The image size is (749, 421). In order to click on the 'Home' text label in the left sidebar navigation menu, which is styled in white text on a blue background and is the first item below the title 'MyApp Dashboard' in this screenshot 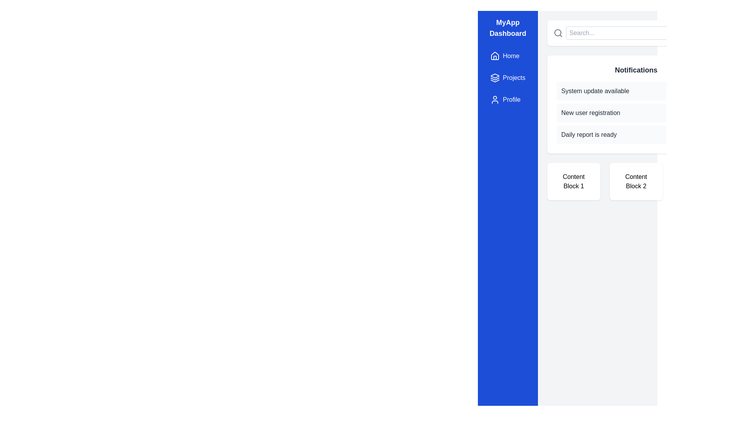, I will do `click(511, 55)`.